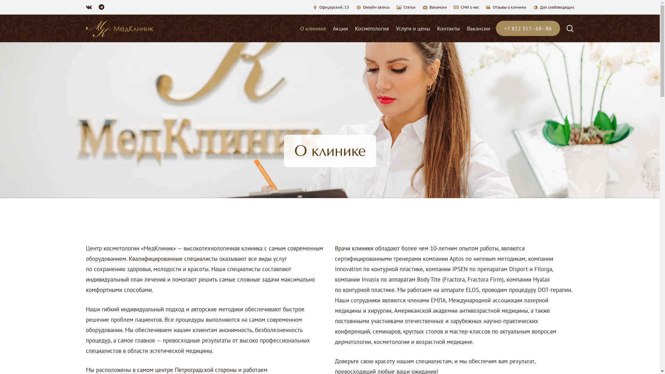 The width and height of the screenshot is (665, 374). I want to click on 'vk', so click(88, 7).